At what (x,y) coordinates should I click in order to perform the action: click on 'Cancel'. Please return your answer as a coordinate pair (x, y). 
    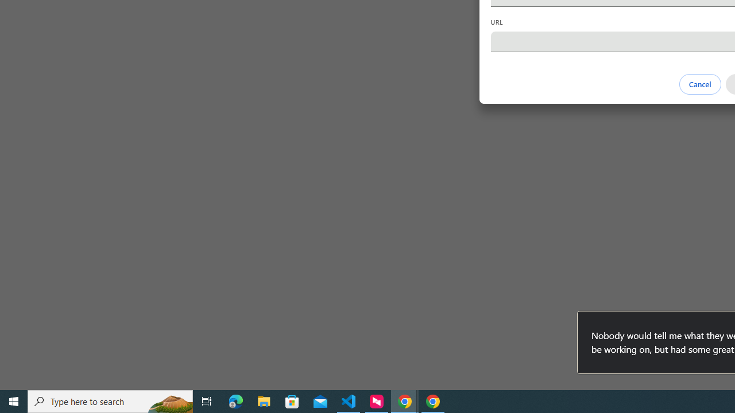
    Looking at the image, I should click on (699, 83).